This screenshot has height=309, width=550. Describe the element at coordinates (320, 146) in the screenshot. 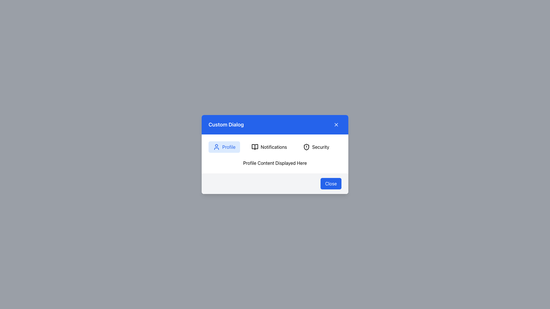

I see `the rightmost label in the dialog's top section, which displays security-related information and is located to the right of the 'Notifications' button` at that location.